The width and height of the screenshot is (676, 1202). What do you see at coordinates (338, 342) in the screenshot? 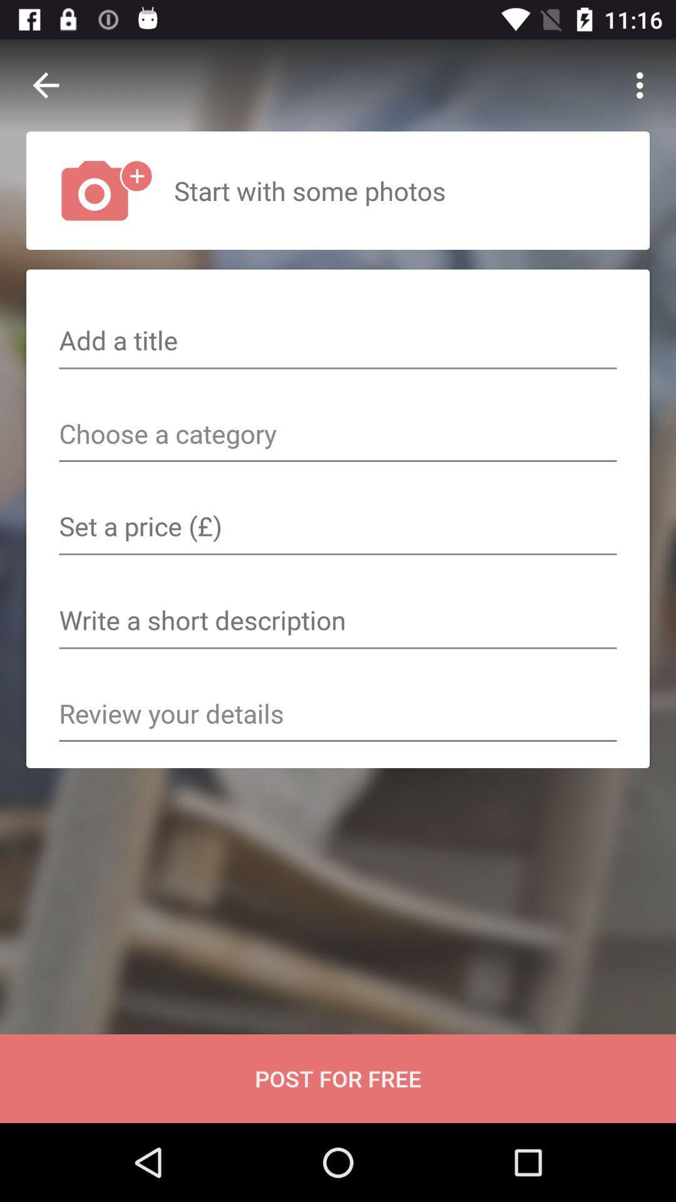
I see `type a tittle advertisements` at bounding box center [338, 342].